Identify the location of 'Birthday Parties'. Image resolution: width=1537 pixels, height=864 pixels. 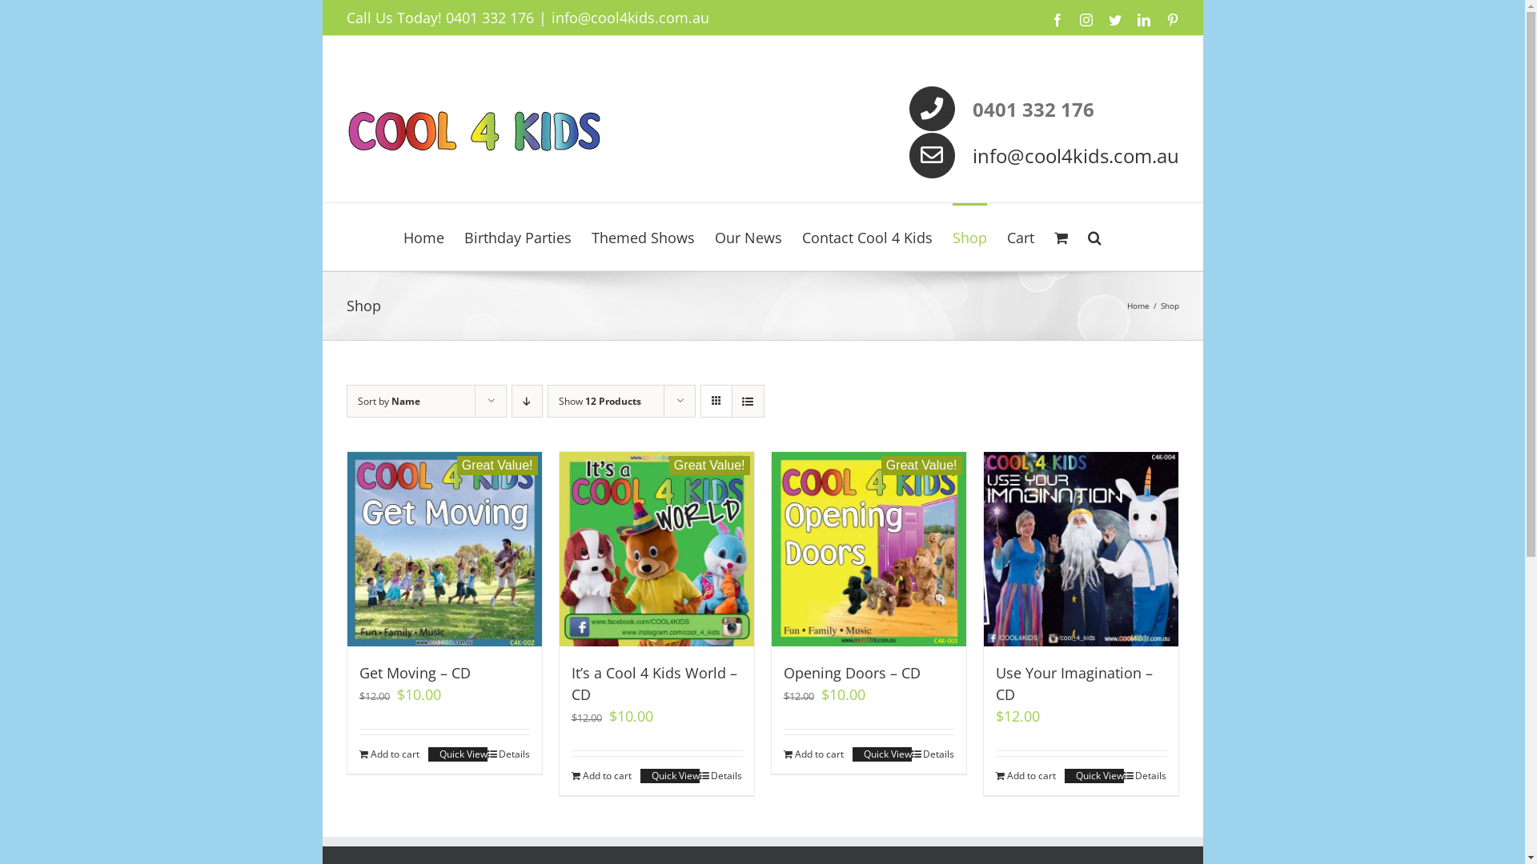
(518, 237).